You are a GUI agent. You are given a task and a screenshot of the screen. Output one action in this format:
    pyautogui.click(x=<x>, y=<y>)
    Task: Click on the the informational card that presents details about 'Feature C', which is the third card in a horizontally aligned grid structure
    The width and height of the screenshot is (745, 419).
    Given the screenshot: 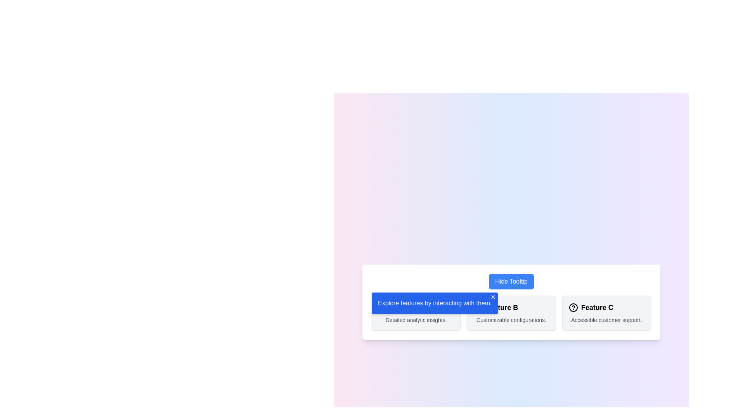 What is the action you would take?
    pyautogui.click(x=606, y=312)
    